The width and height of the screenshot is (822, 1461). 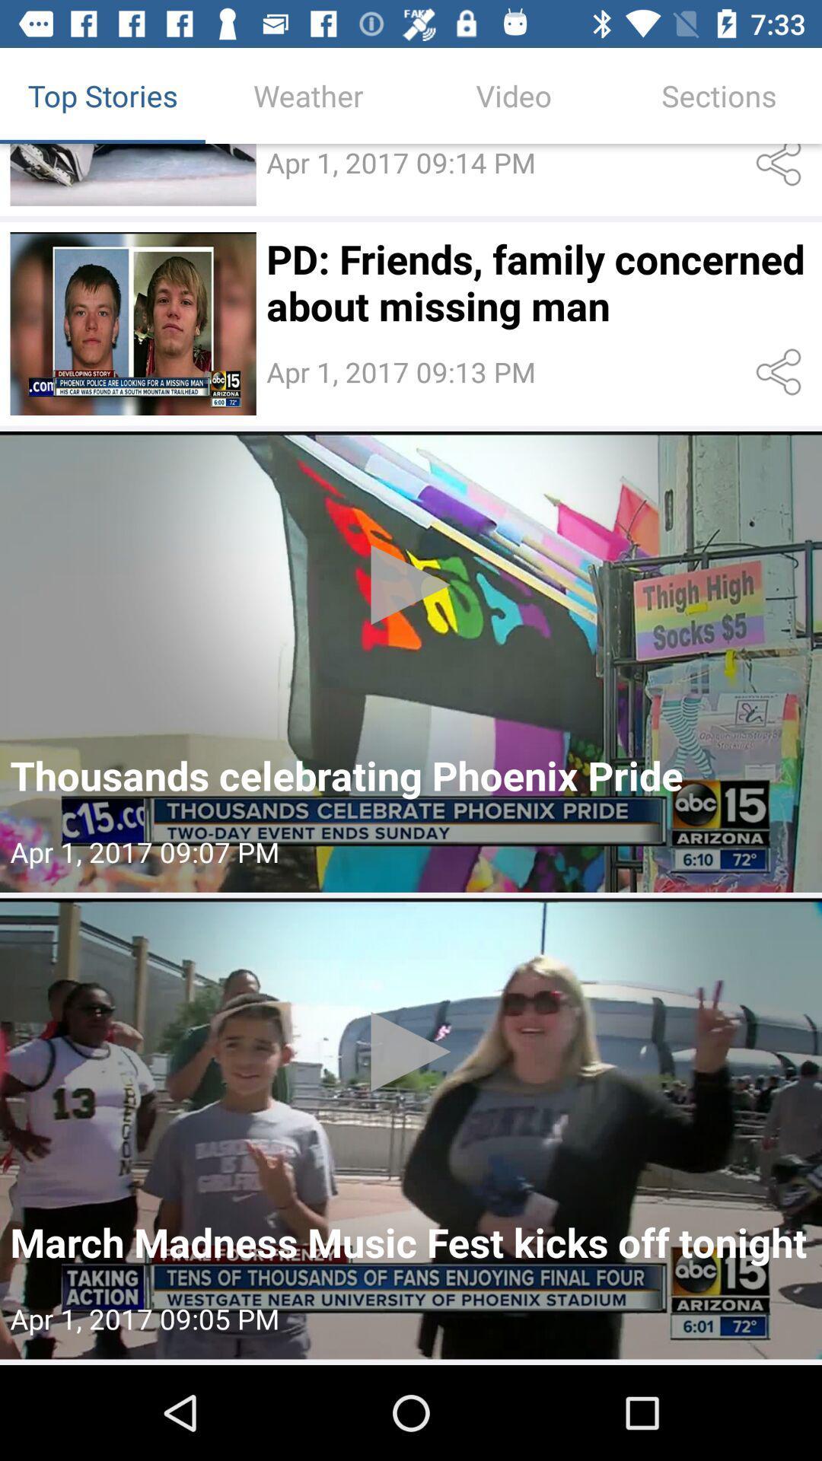 What do you see at coordinates (132, 323) in the screenshot?
I see `news feed tile visual description` at bounding box center [132, 323].